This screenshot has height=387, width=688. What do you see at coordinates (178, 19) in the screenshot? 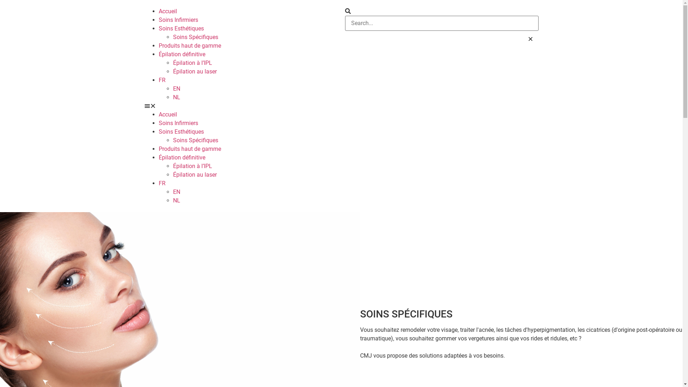
I see `'Soins Infirmiers'` at bounding box center [178, 19].